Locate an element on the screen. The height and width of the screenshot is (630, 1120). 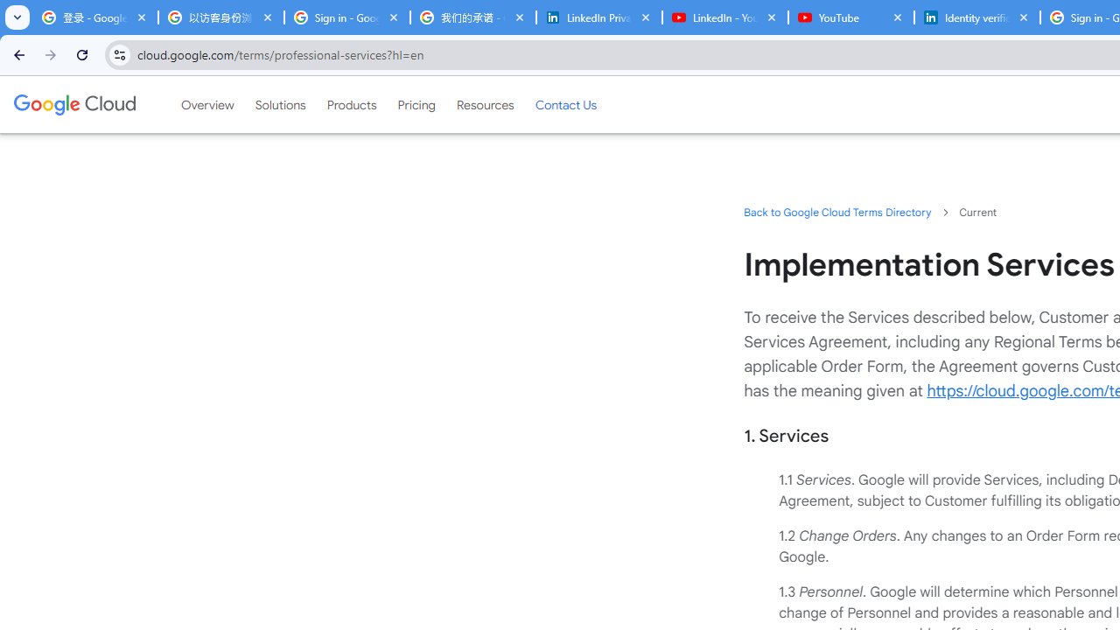
'LinkedIn Privacy Policy' is located at coordinates (598, 17).